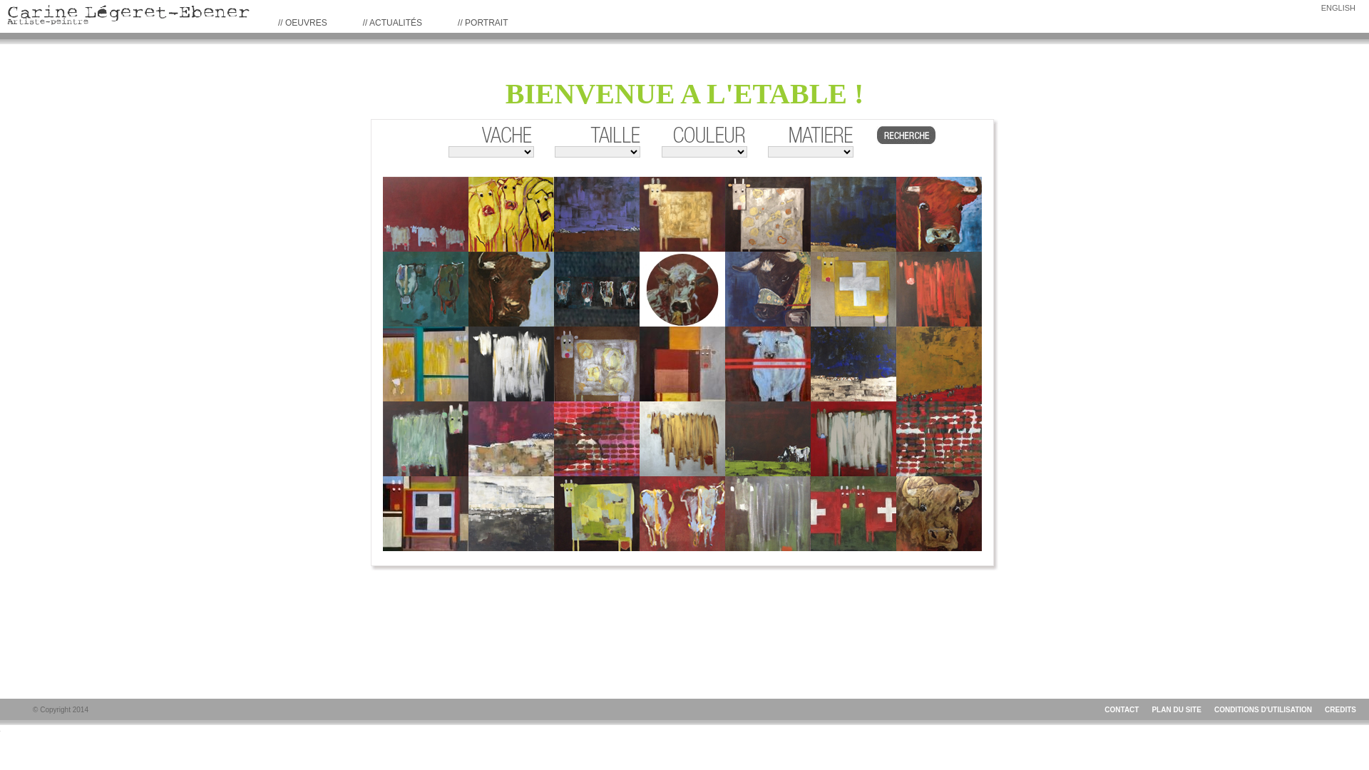 The image size is (1369, 770). What do you see at coordinates (1104, 709) in the screenshot?
I see `'CONTACT'` at bounding box center [1104, 709].